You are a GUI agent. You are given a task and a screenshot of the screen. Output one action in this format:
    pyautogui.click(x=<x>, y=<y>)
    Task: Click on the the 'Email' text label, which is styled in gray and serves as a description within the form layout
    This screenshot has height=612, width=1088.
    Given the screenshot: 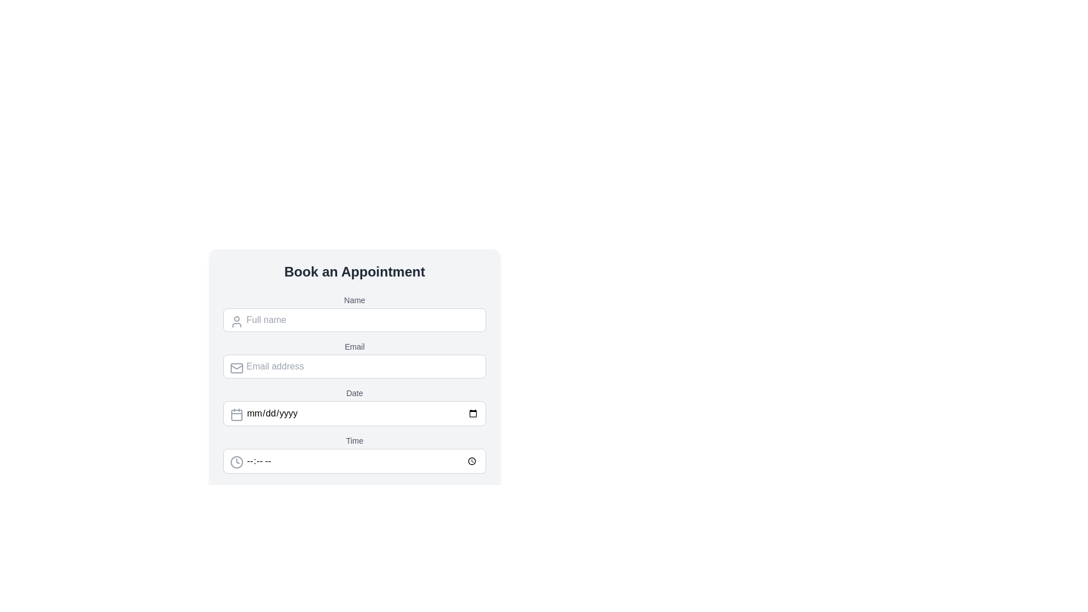 What is the action you would take?
    pyautogui.click(x=354, y=346)
    